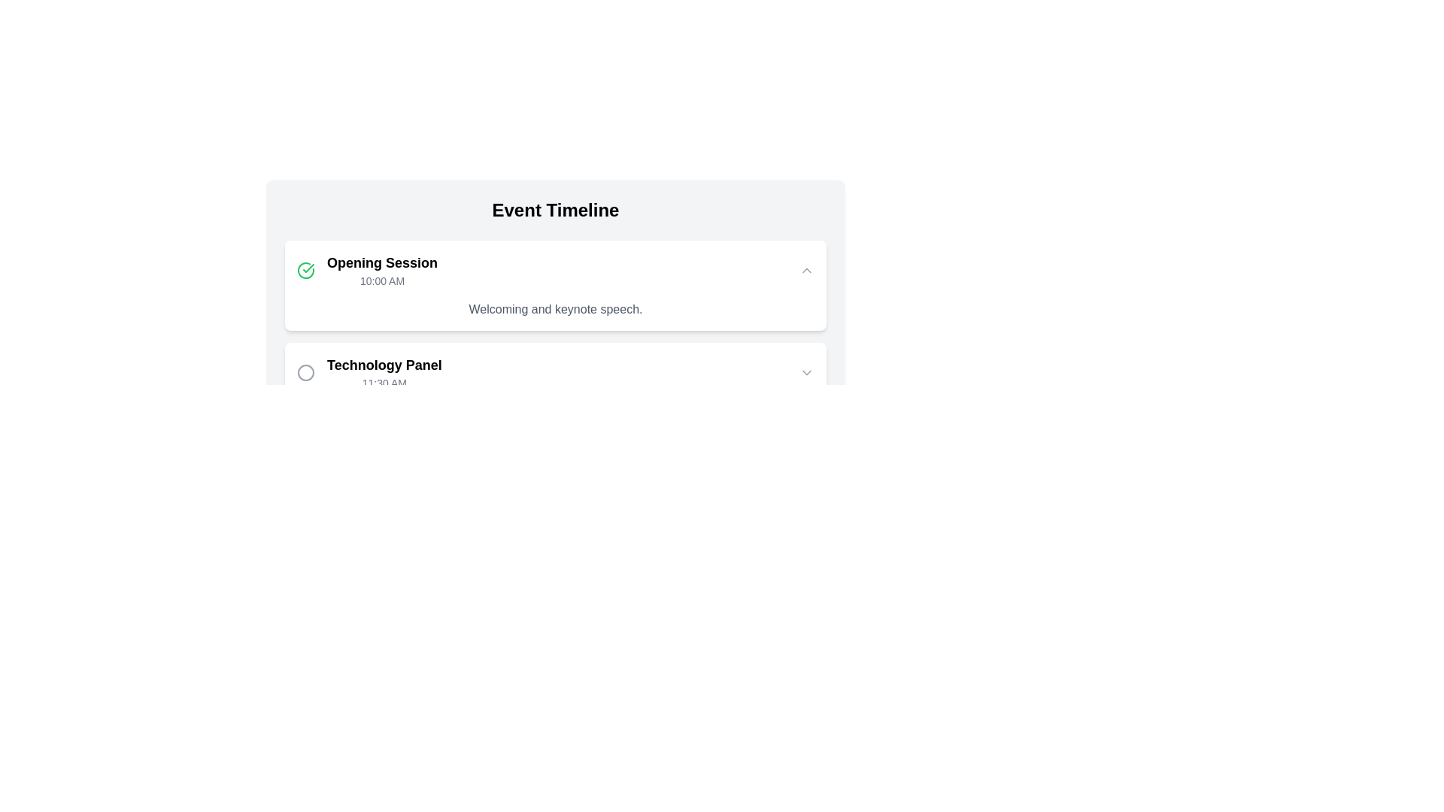  Describe the element at coordinates (806, 372) in the screenshot. I see `the expand/collapse icon on the right end of the 'Technology Panel' entry` at that location.